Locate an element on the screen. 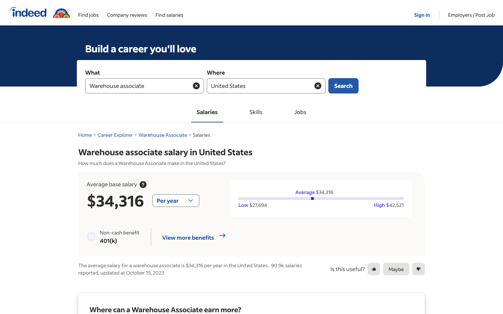  Proceed towards the Warehouse Associate Information Page is located at coordinates (163, 135).